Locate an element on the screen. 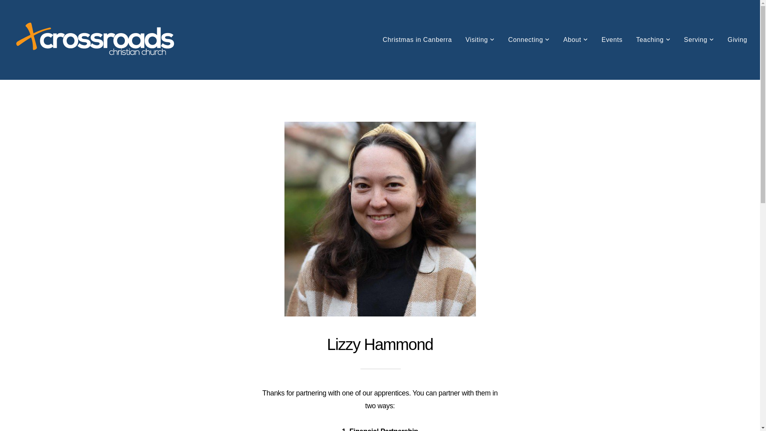 Image resolution: width=766 pixels, height=431 pixels. 'About ' is located at coordinates (576, 40).